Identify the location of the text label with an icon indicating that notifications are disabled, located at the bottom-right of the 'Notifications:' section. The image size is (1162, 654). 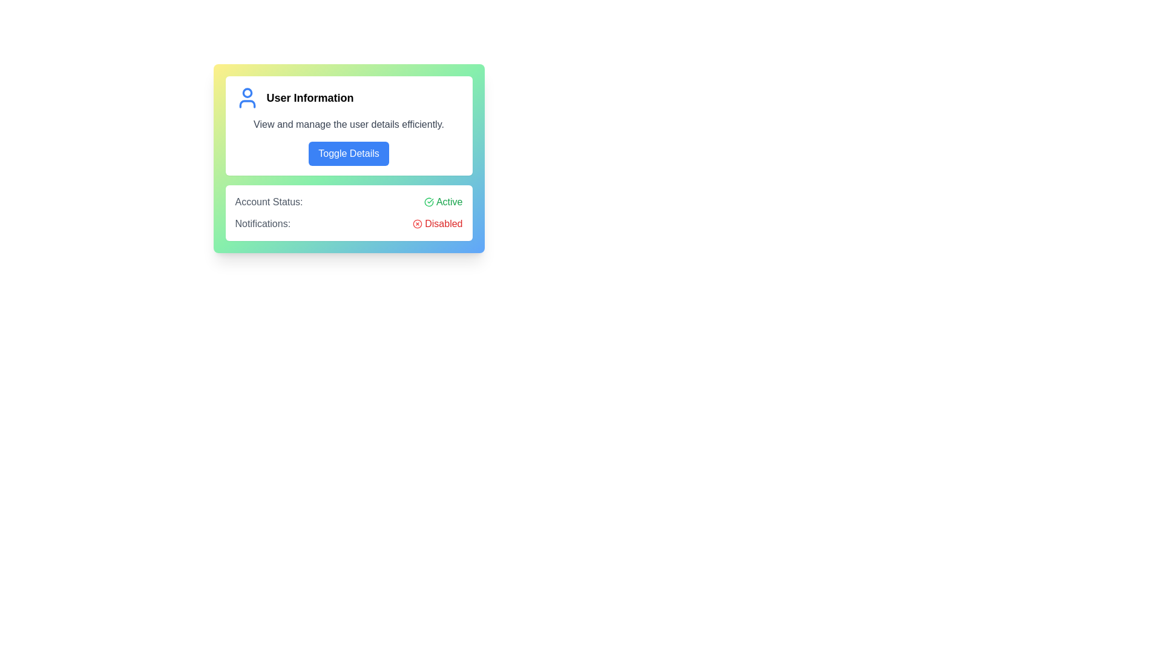
(437, 224).